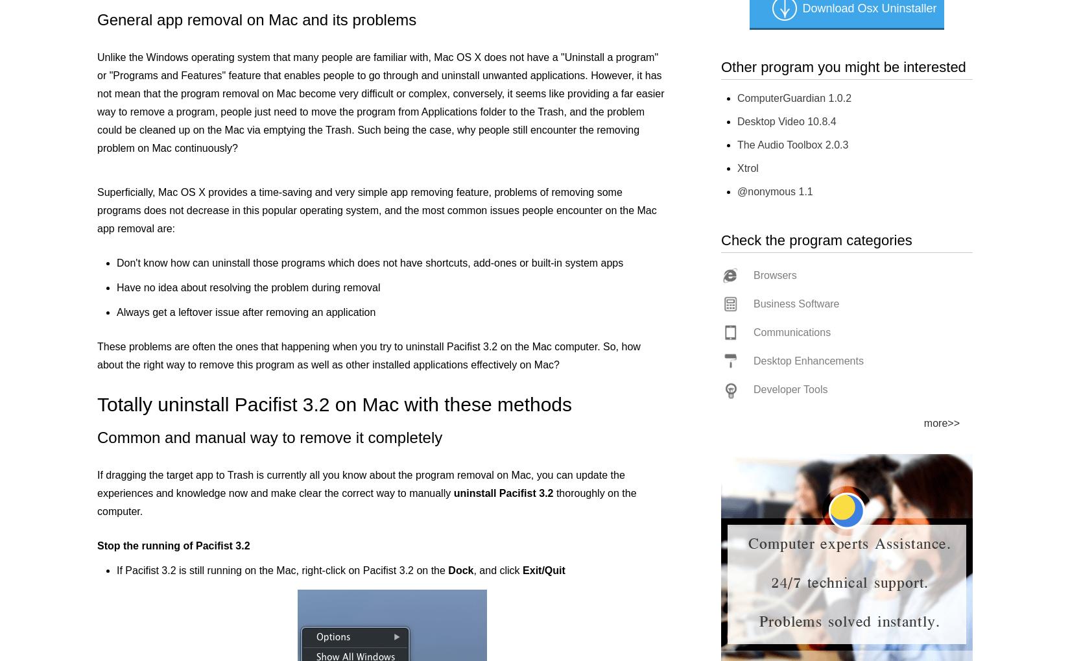 The height and width of the screenshot is (661, 1070). I want to click on 'more>>', so click(941, 422).